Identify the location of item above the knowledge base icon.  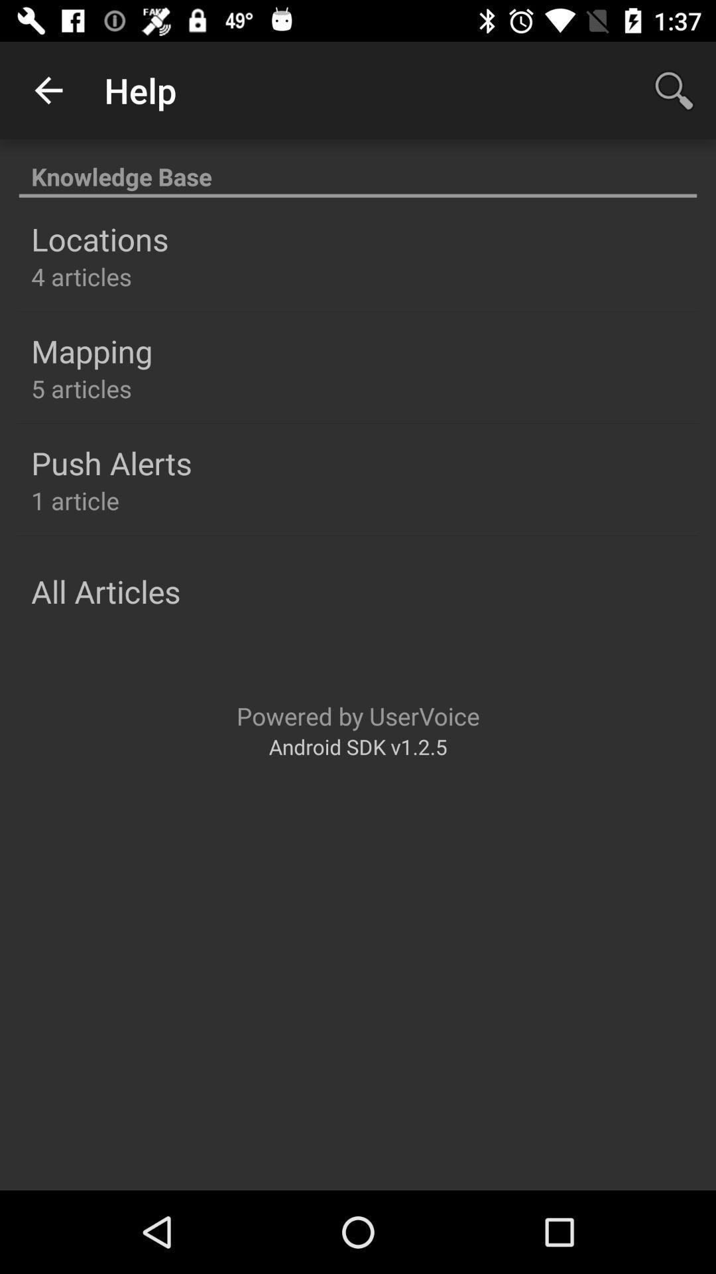
(674, 90).